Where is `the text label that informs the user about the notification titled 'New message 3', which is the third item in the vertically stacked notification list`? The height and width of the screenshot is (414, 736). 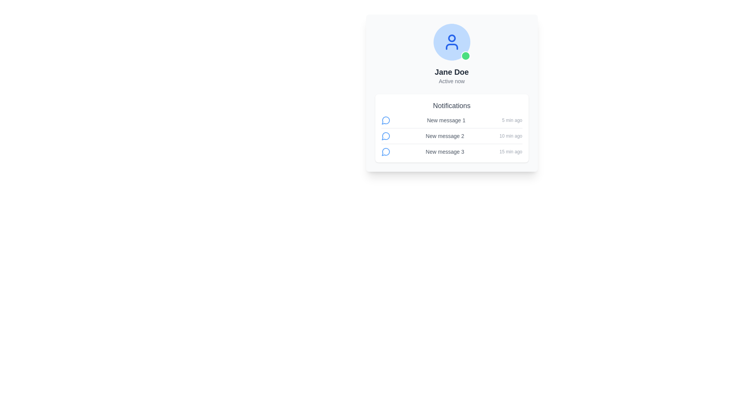 the text label that informs the user about the notification titled 'New message 3', which is the third item in the vertically stacked notification list is located at coordinates (445, 152).